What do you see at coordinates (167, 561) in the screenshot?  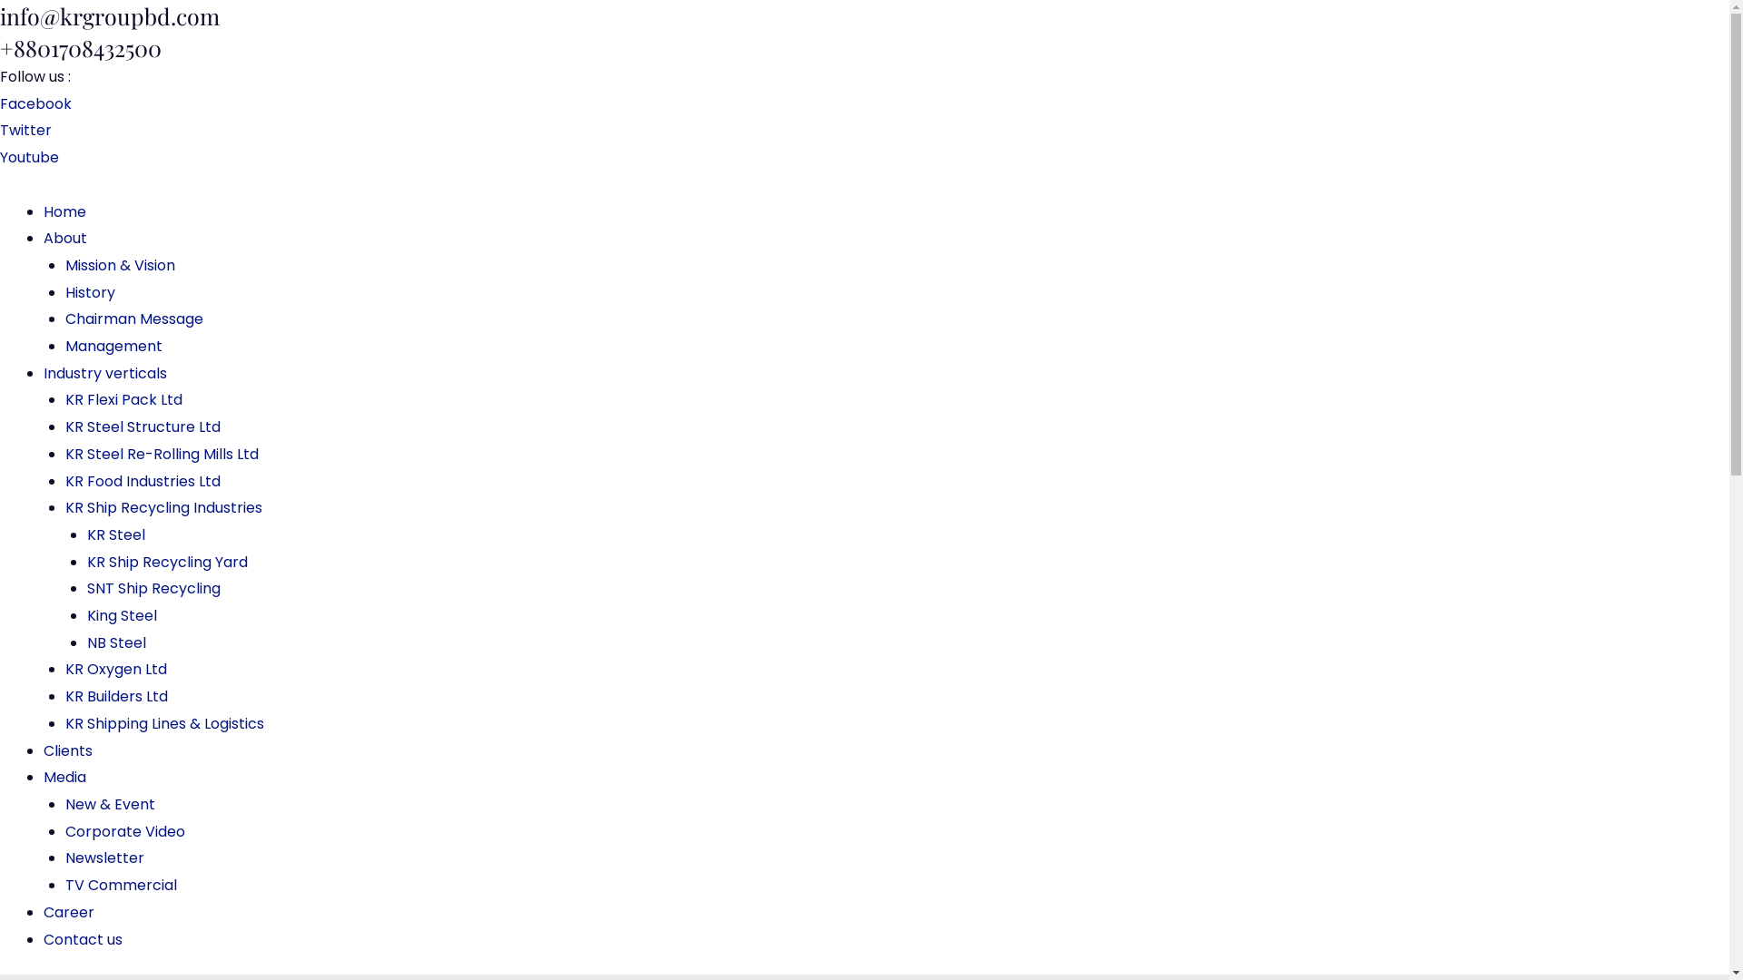 I see `'KR Ship Recycling Yard'` at bounding box center [167, 561].